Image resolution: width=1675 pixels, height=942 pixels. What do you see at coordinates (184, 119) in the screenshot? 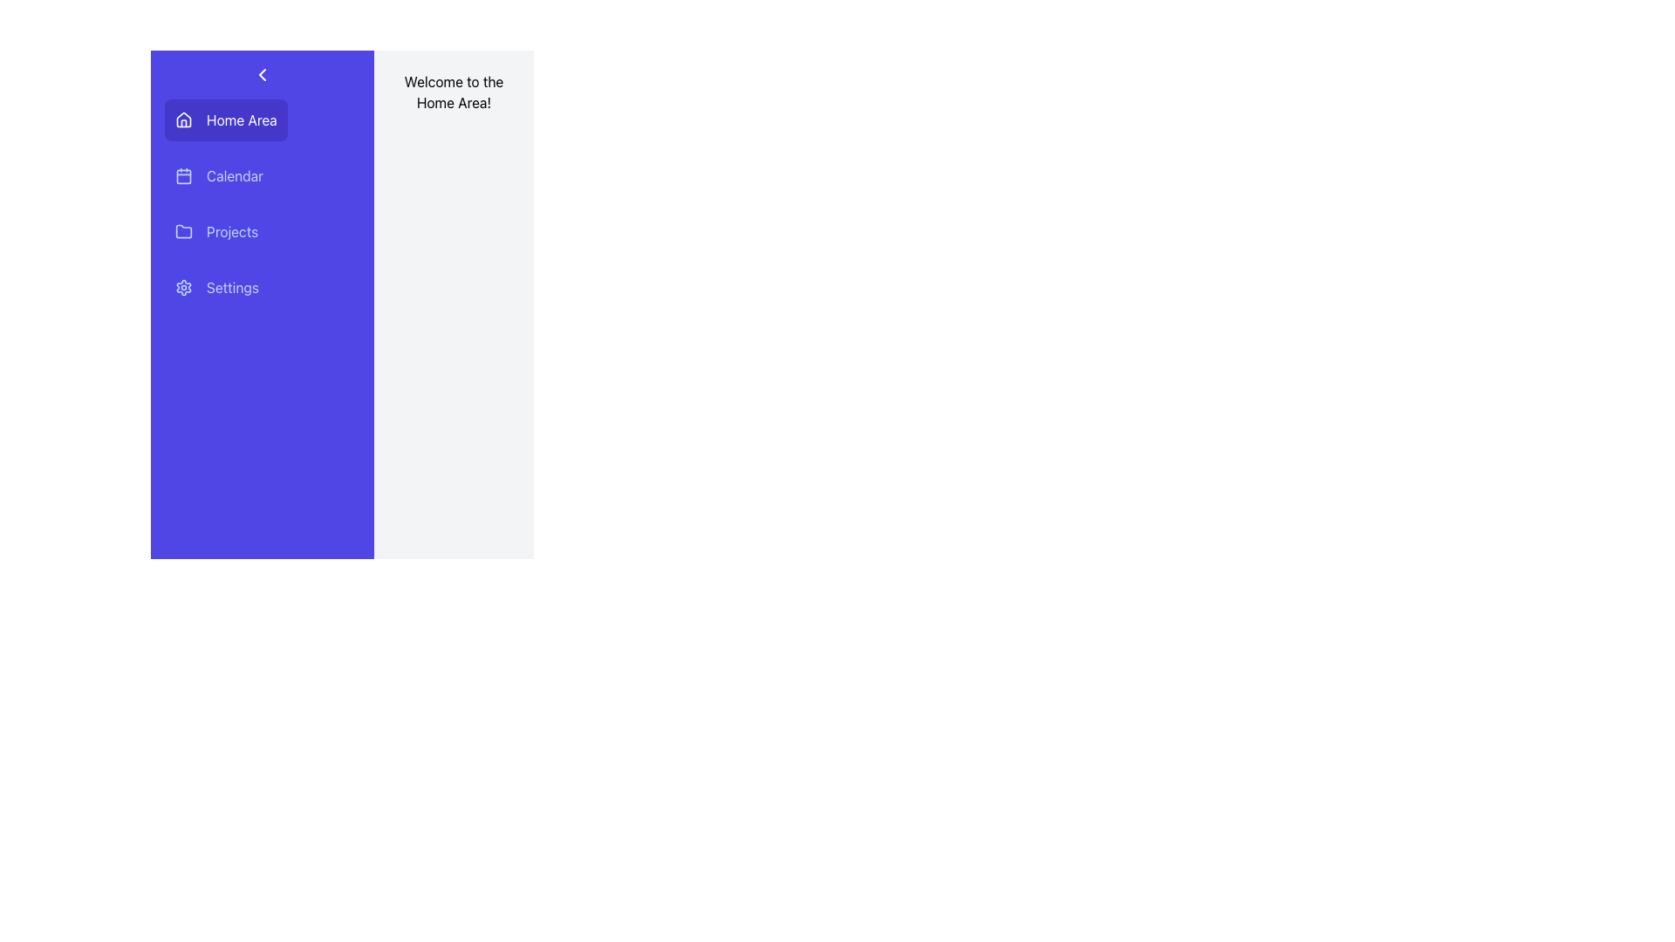
I see `the home icon located in the top-left portion of the app interface, which is positioned to the left of the 'Home Area' text within a rounded rectangle button` at bounding box center [184, 119].